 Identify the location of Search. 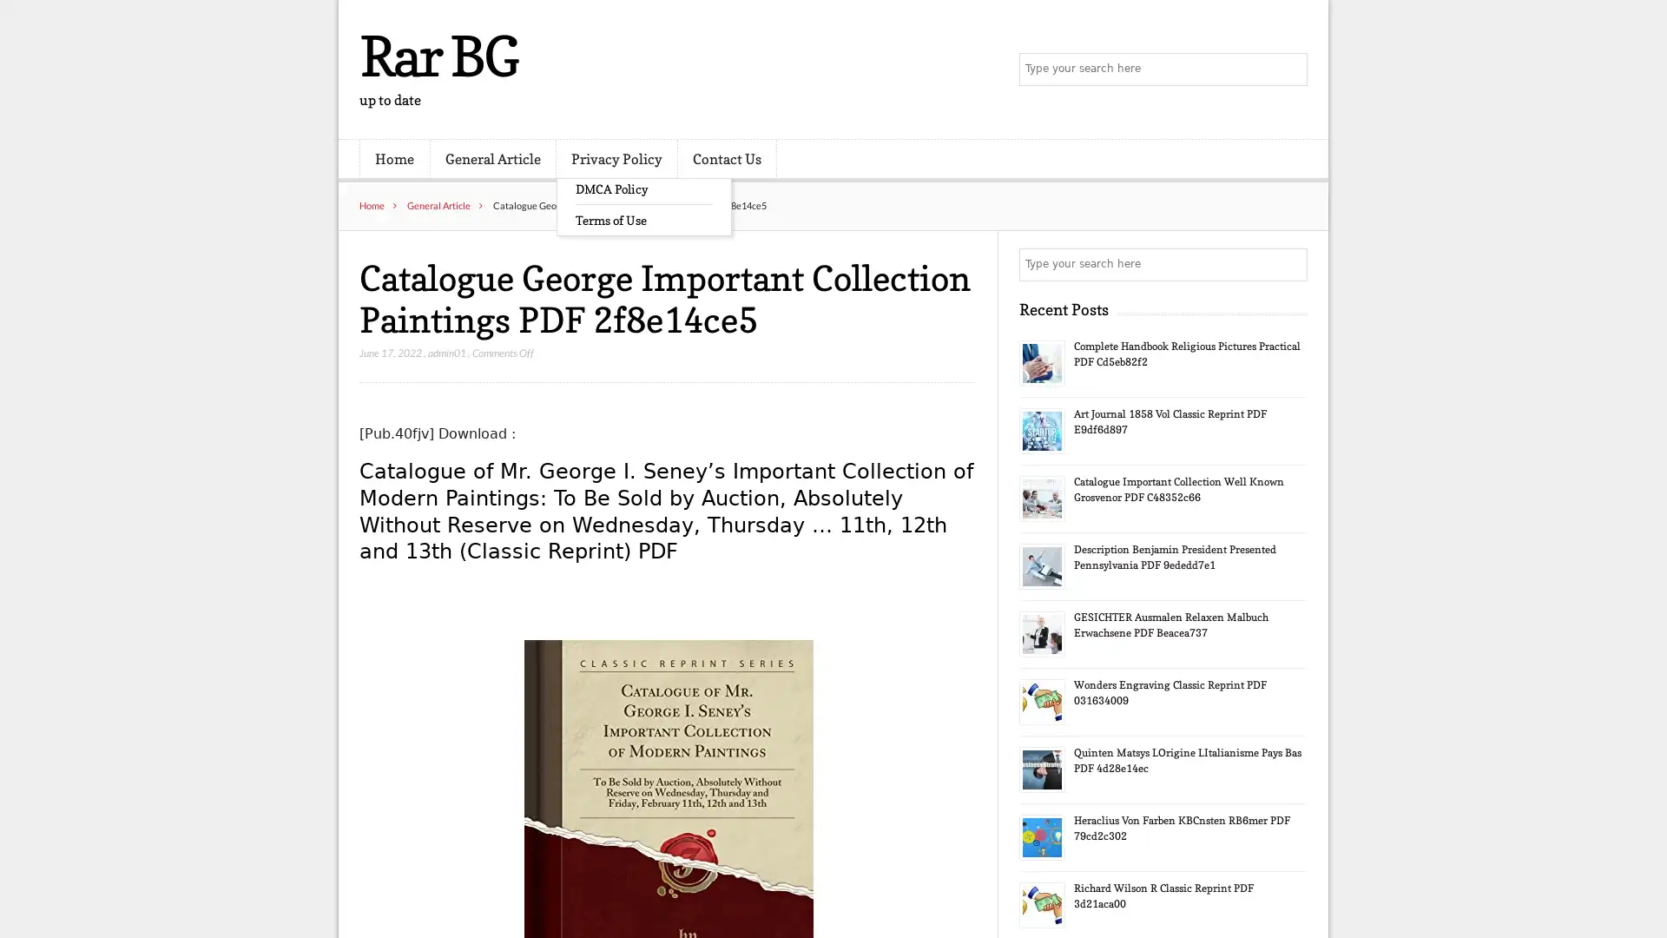
(1289, 264).